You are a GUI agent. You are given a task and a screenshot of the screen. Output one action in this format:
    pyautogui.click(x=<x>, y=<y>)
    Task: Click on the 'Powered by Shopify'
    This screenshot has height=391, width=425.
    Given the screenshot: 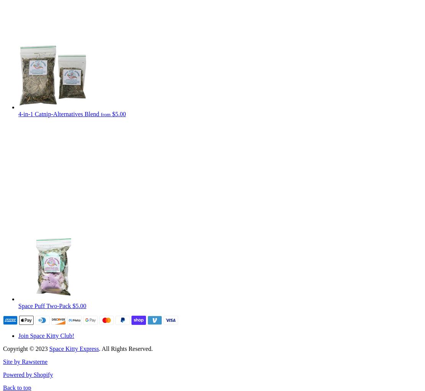 What is the action you would take?
    pyautogui.click(x=27, y=375)
    